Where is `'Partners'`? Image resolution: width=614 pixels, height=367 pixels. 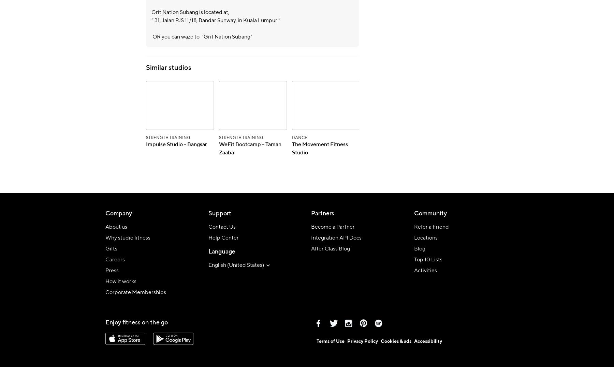
'Partners' is located at coordinates (322, 213).